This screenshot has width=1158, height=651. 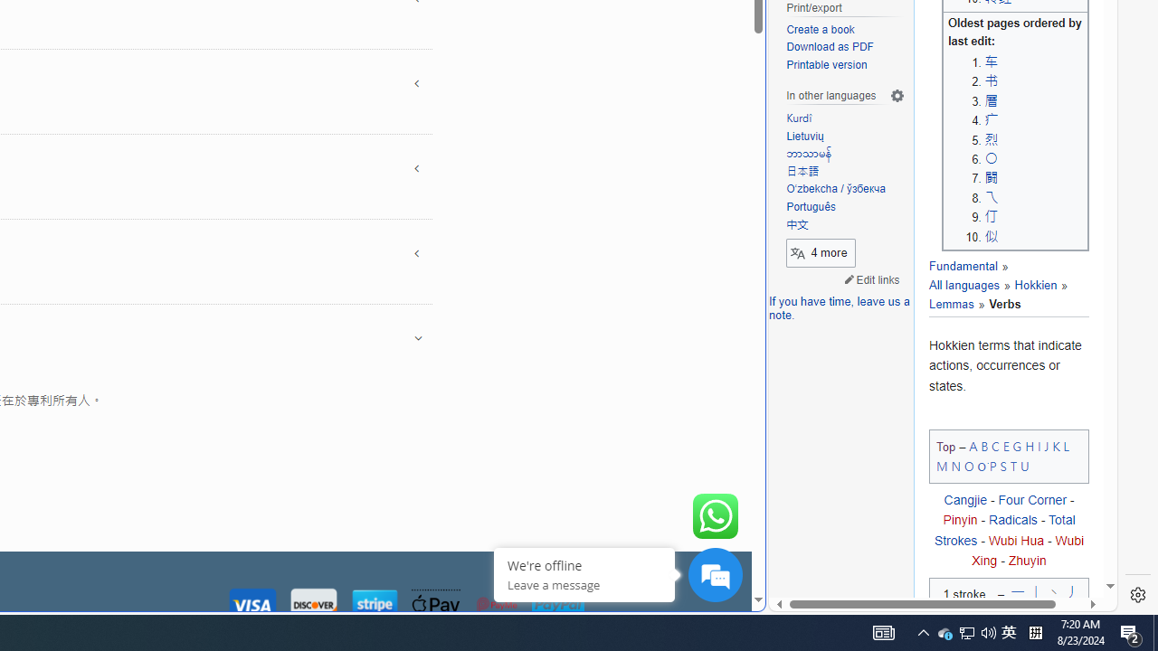 What do you see at coordinates (825, 63) in the screenshot?
I see `'Printable version'` at bounding box center [825, 63].